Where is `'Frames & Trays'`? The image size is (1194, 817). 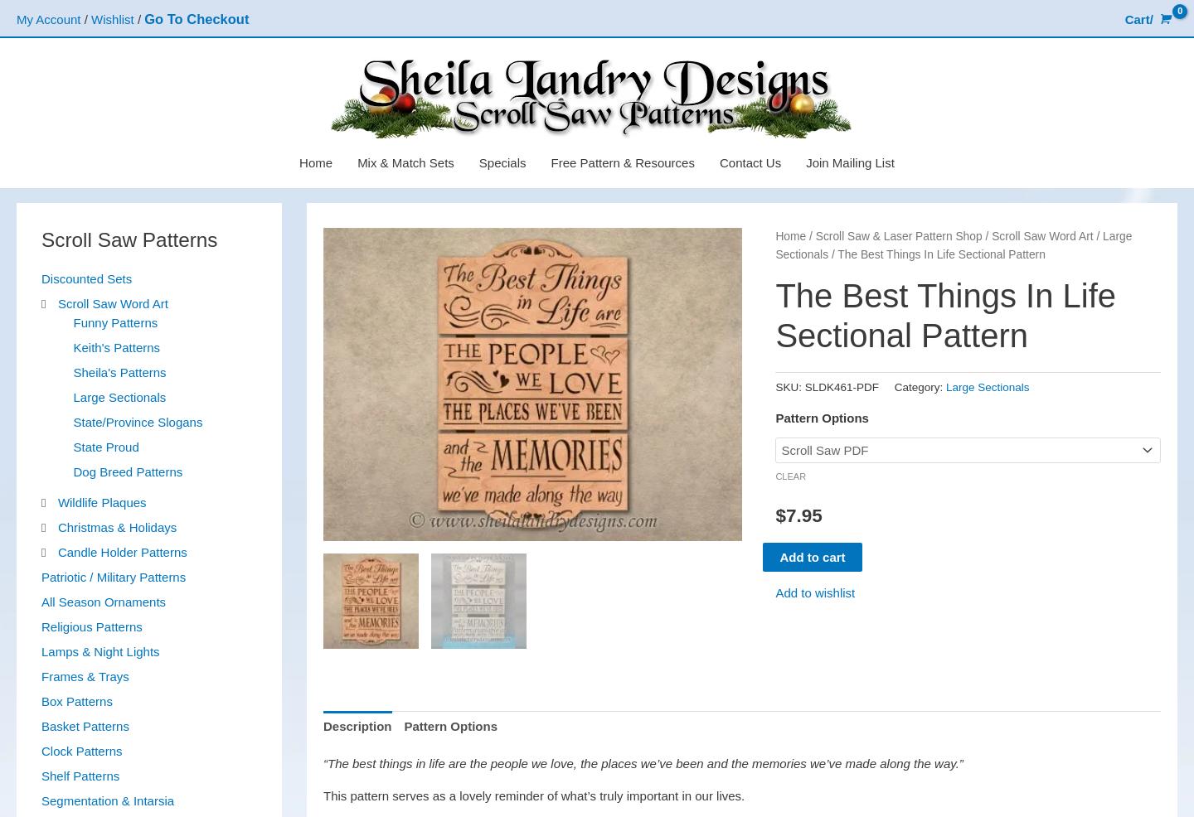
'Frames & Trays' is located at coordinates (85, 676).